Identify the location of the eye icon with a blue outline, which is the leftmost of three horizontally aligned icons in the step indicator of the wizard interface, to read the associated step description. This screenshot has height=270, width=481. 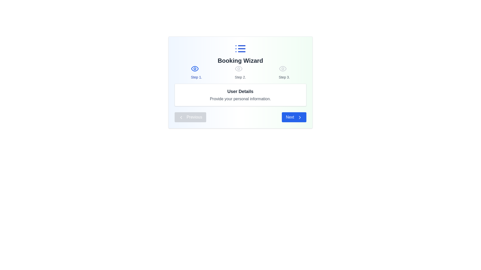
(194, 68).